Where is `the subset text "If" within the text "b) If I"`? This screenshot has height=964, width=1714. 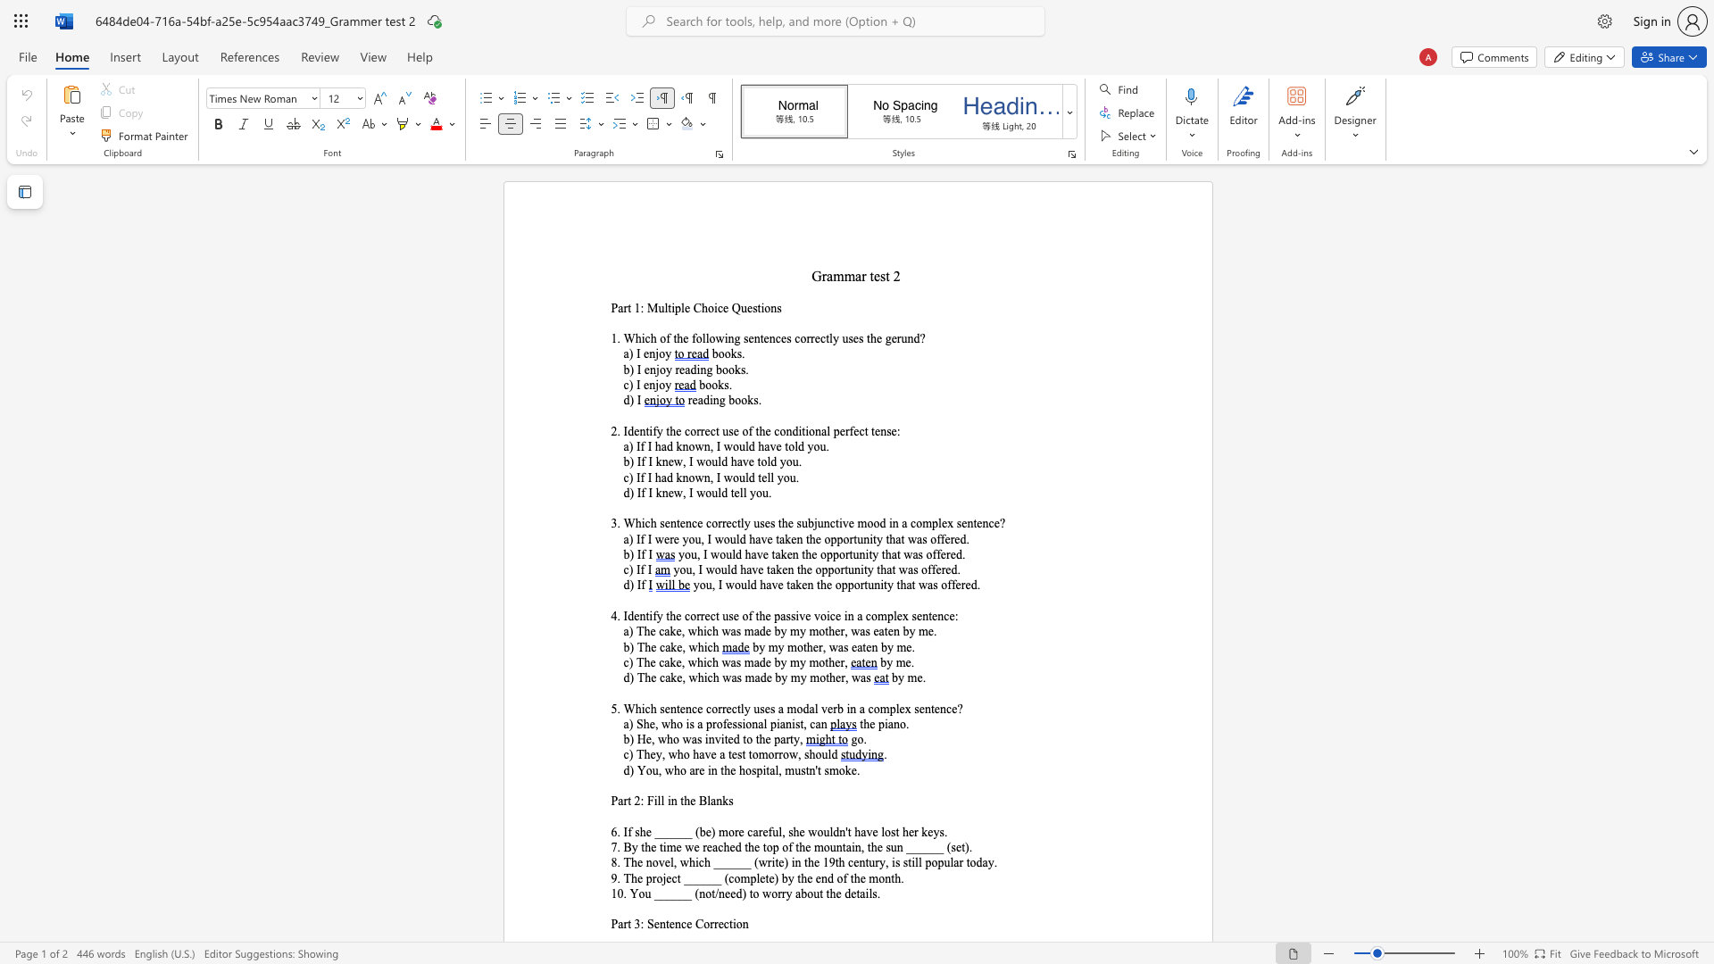 the subset text "If" within the text "b) If I" is located at coordinates (637, 553).